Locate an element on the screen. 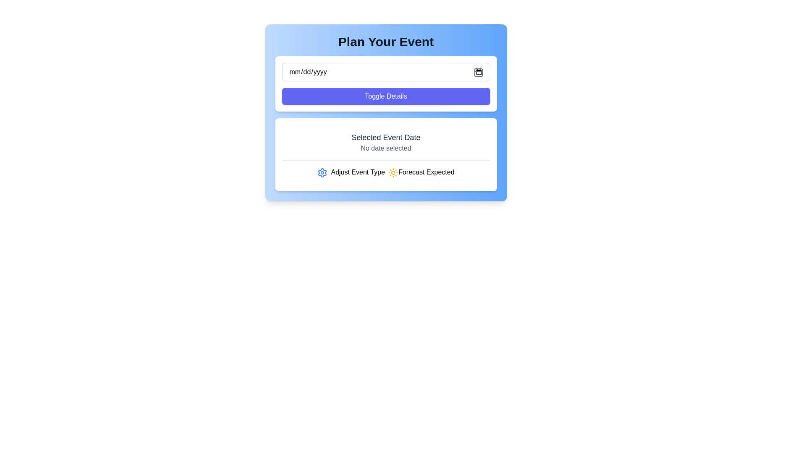  the icons of the Label with graphical elements that displays or modifies event attributes, located beneath the 'Selected Event Date' section is located at coordinates (385, 172).